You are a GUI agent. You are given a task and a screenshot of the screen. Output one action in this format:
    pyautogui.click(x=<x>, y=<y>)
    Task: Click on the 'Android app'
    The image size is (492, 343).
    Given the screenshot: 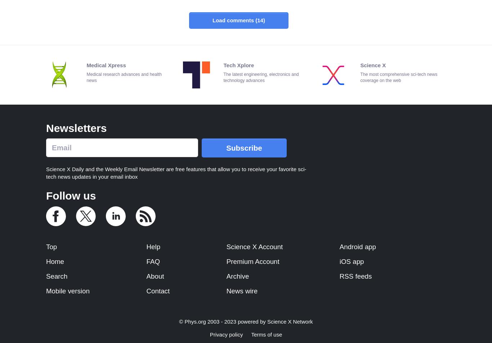 What is the action you would take?
    pyautogui.click(x=357, y=246)
    